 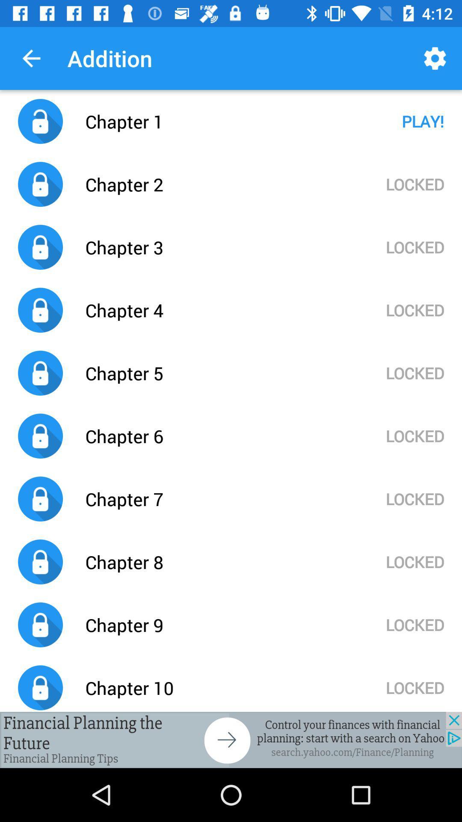 I want to click on button setting icon, so click(x=231, y=739).